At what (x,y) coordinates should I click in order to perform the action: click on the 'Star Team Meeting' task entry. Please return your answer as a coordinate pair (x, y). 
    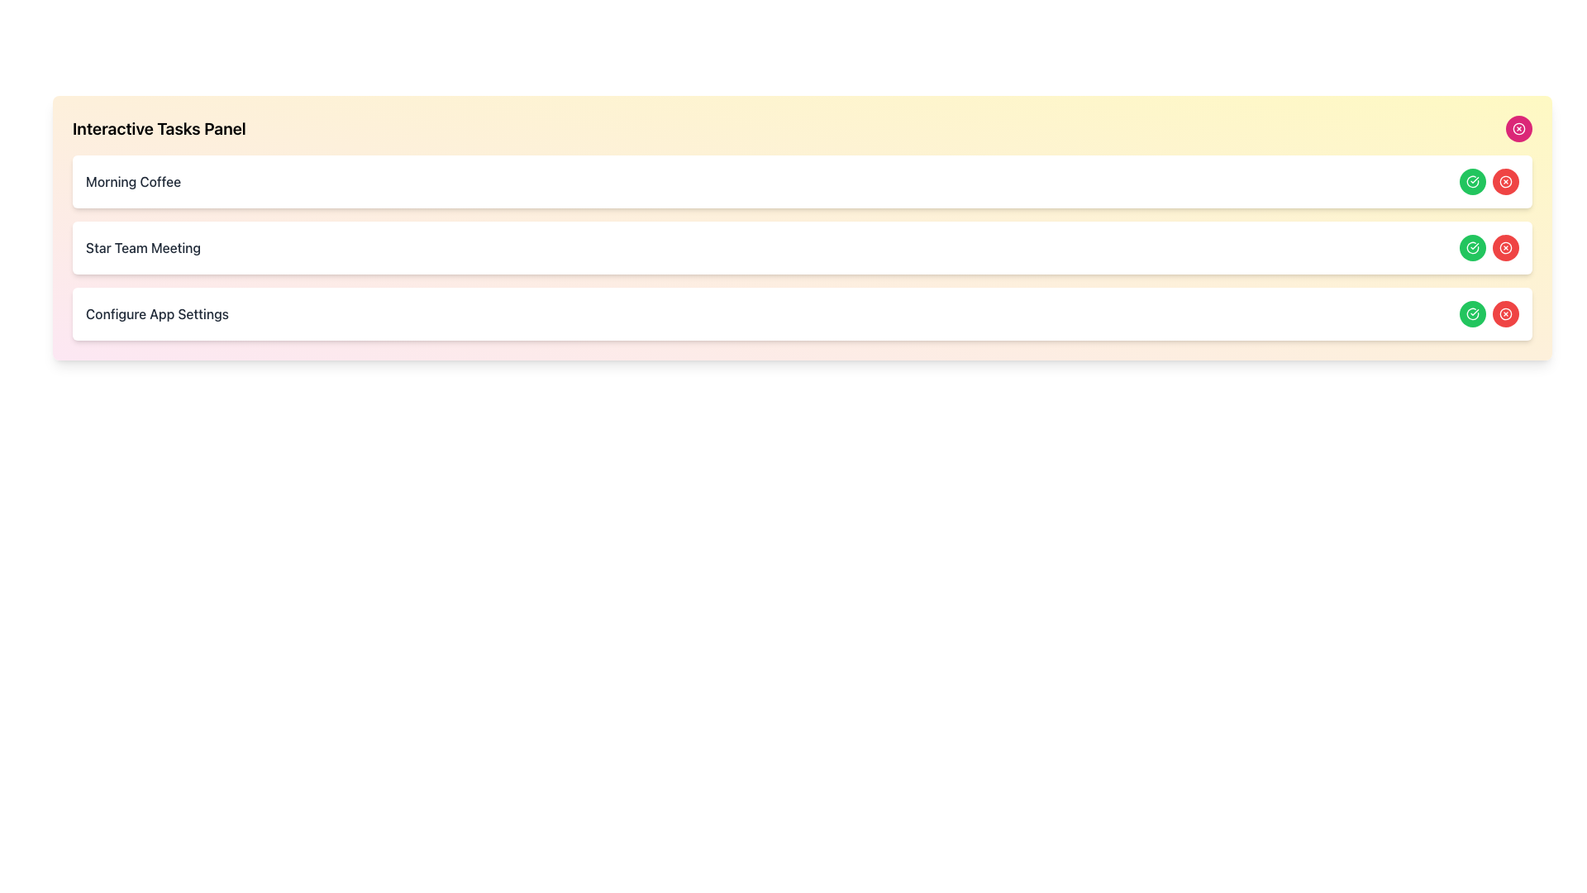
    Looking at the image, I should click on (802, 248).